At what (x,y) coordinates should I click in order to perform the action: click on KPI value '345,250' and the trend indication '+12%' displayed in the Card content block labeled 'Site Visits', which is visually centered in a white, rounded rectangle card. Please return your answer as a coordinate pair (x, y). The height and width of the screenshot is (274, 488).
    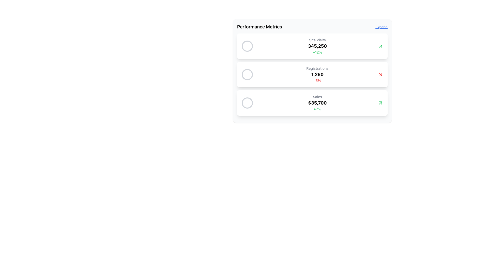
    Looking at the image, I should click on (317, 46).